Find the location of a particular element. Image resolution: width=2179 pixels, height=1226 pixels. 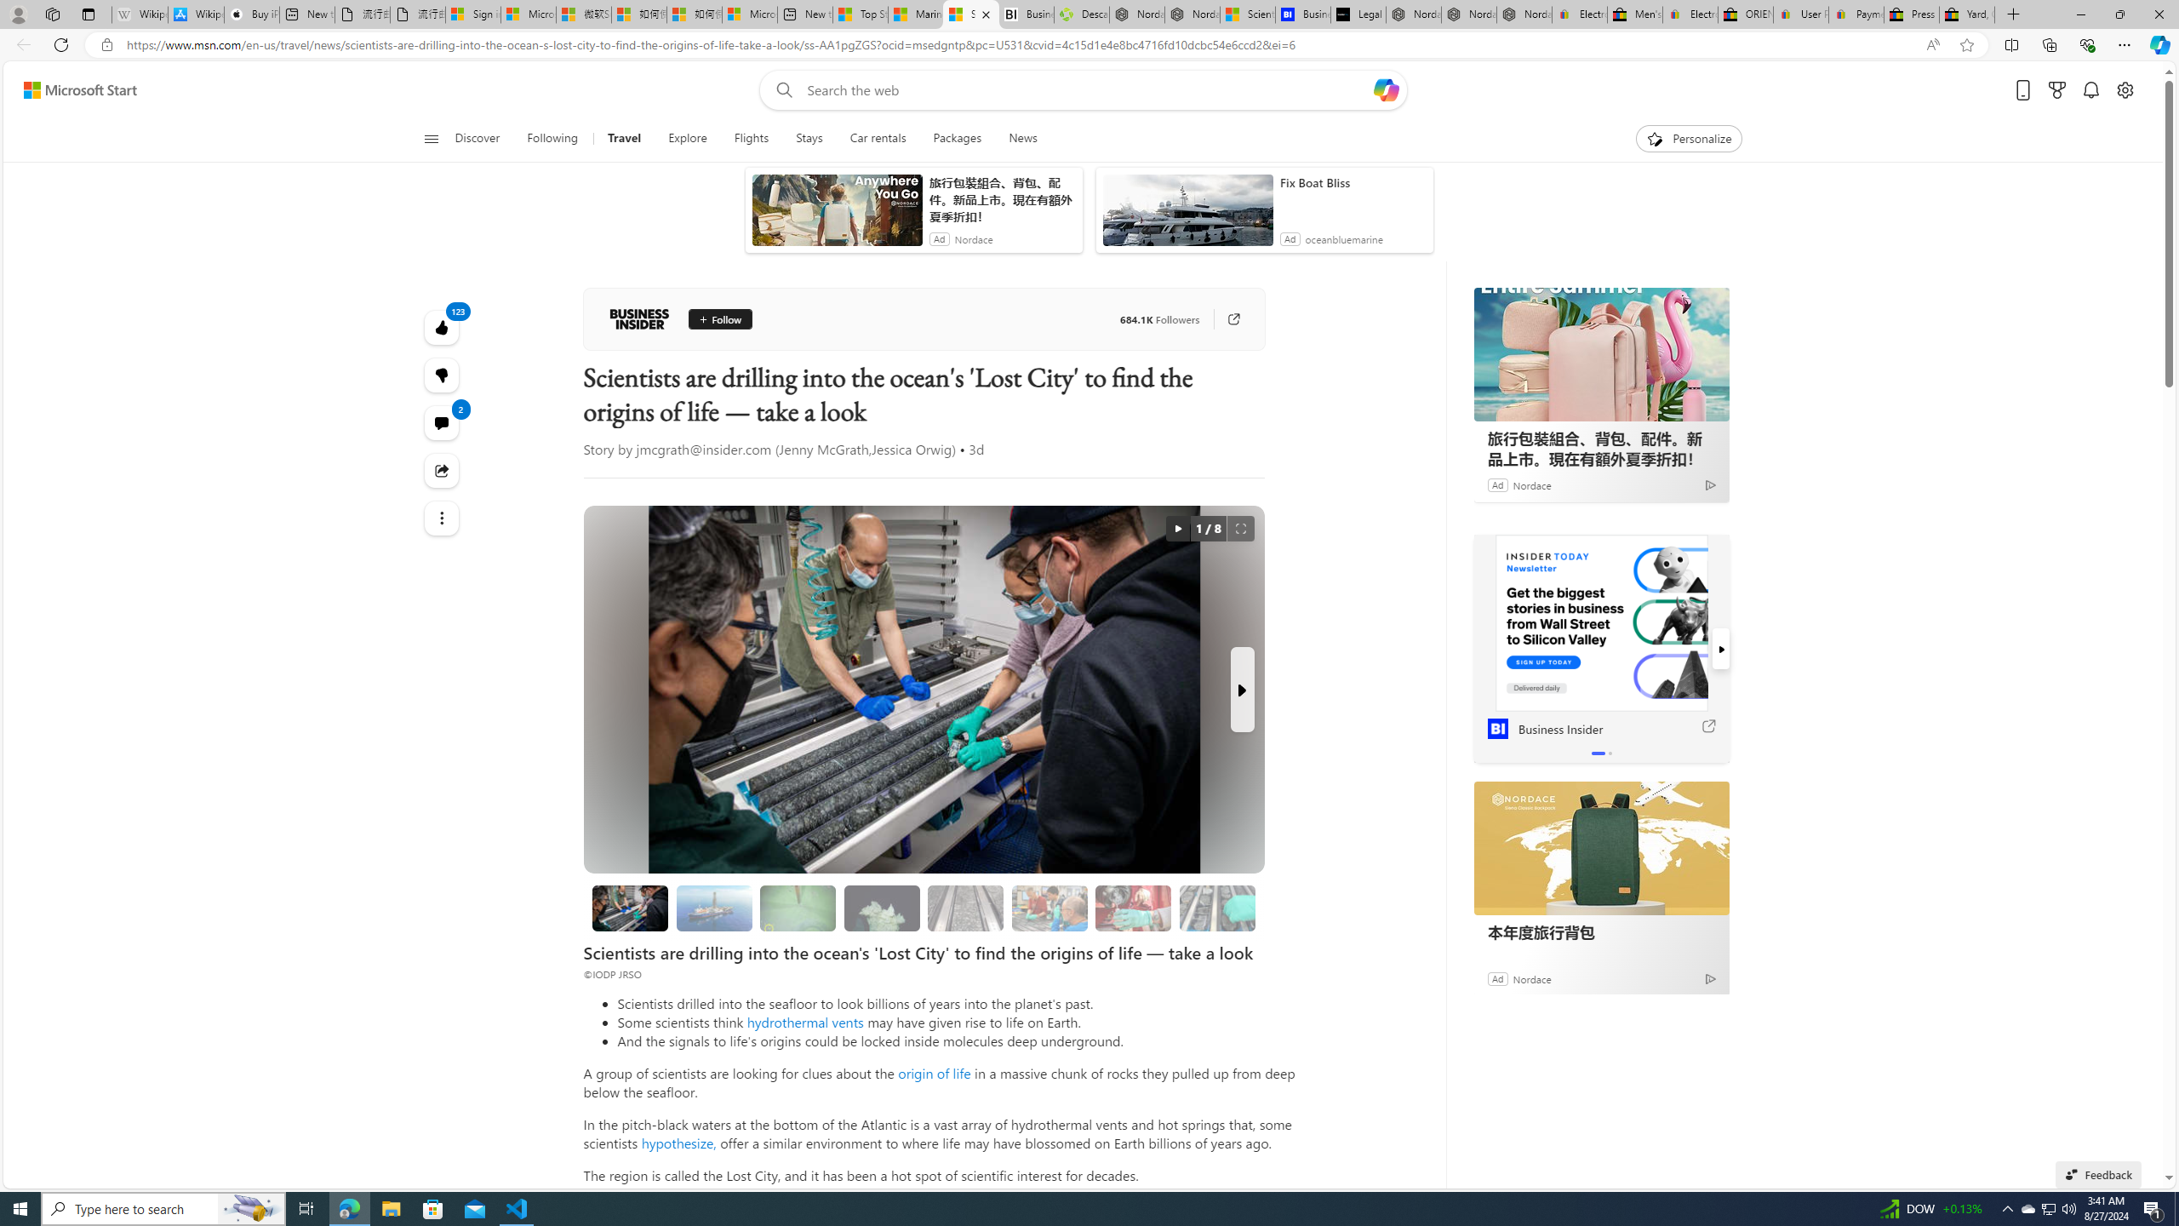

'hydrothermal vents' is located at coordinates (804, 1021).